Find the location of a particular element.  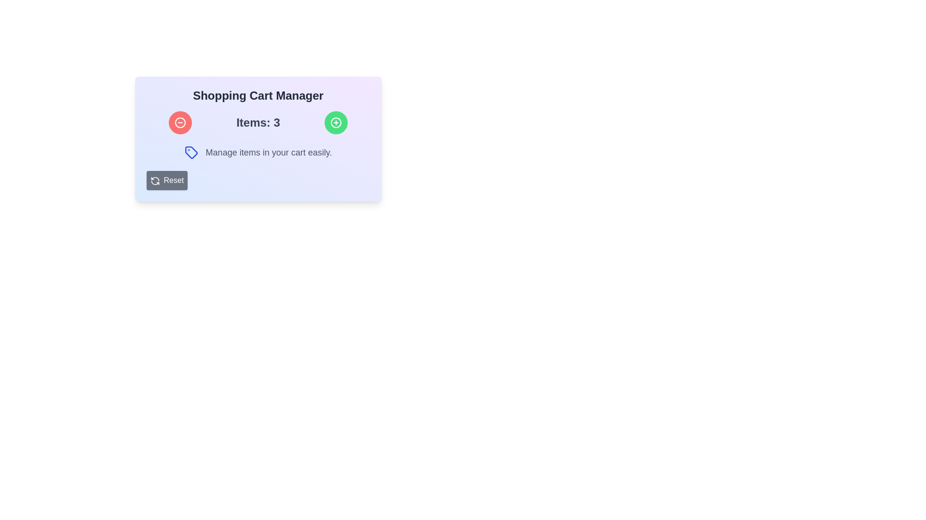

the decorative icon positioned immediately left of the text 'Manage items in your cart easily.' is located at coordinates (191, 152).